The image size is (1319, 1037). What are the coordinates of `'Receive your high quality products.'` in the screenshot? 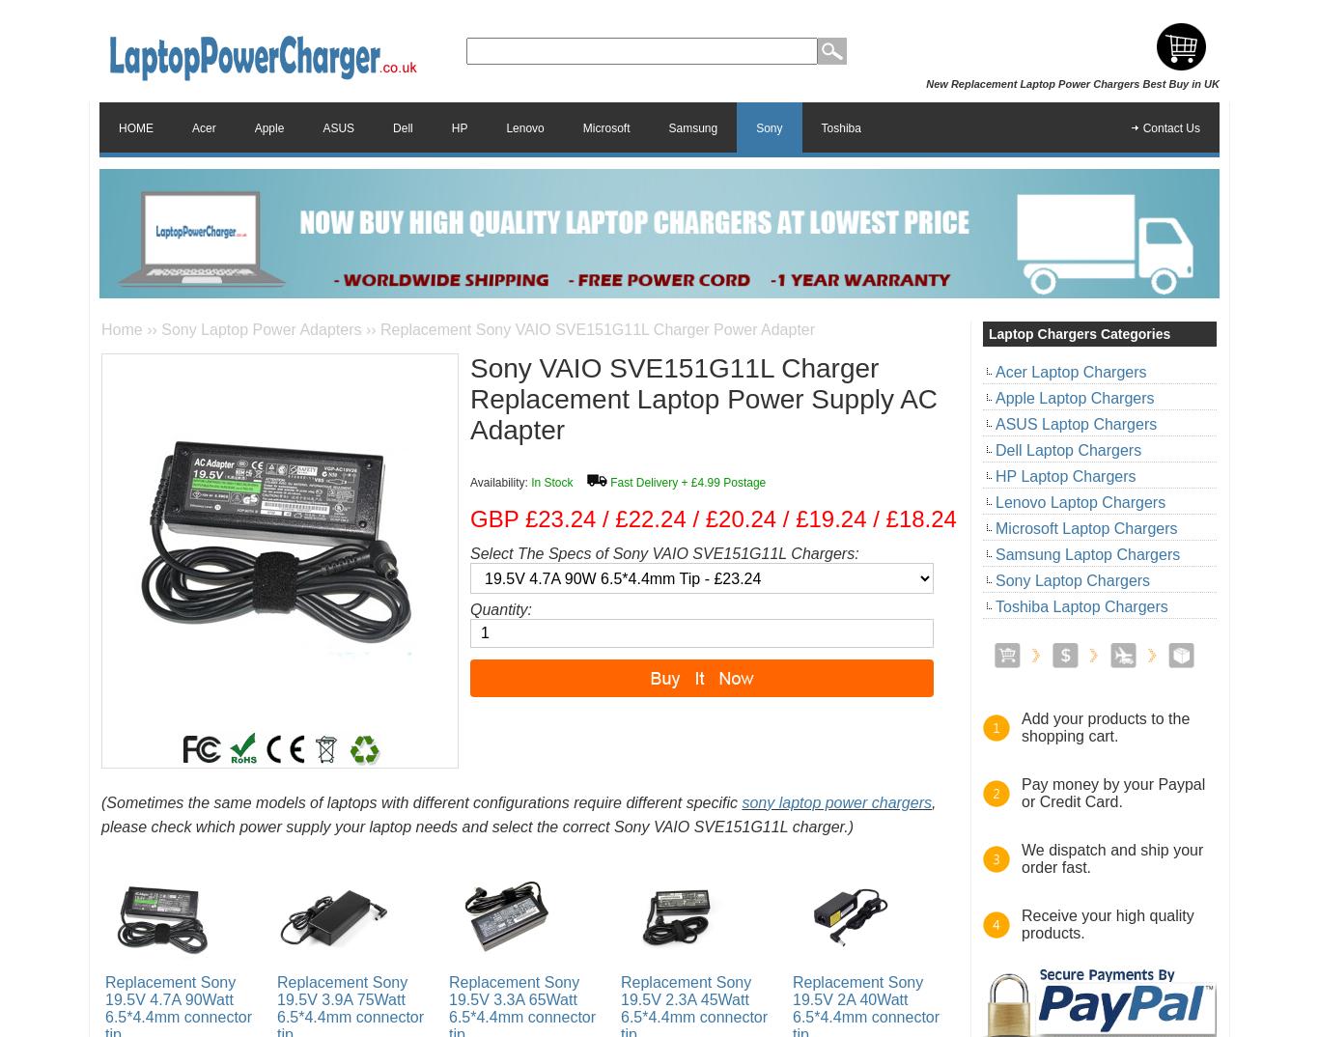 It's located at (1108, 924).